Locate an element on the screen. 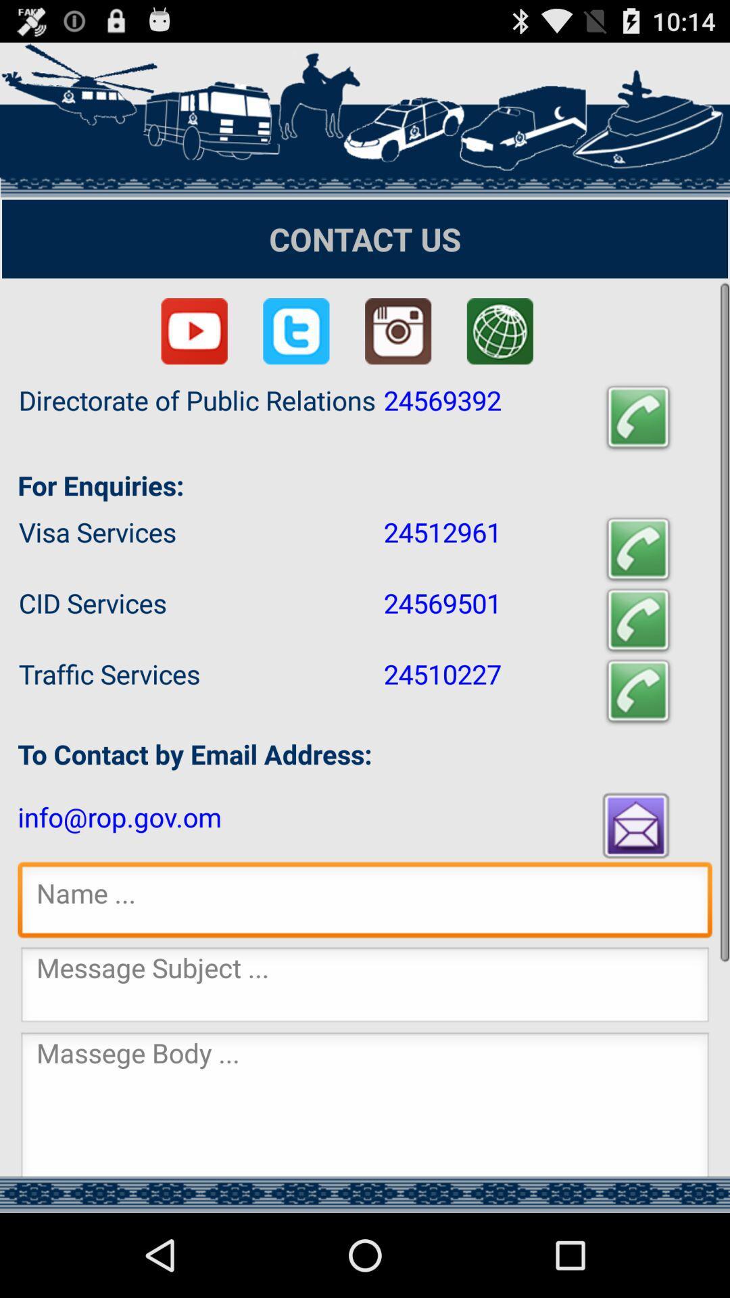 The width and height of the screenshot is (730, 1298). the email icon is located at coordinates (637, 883).